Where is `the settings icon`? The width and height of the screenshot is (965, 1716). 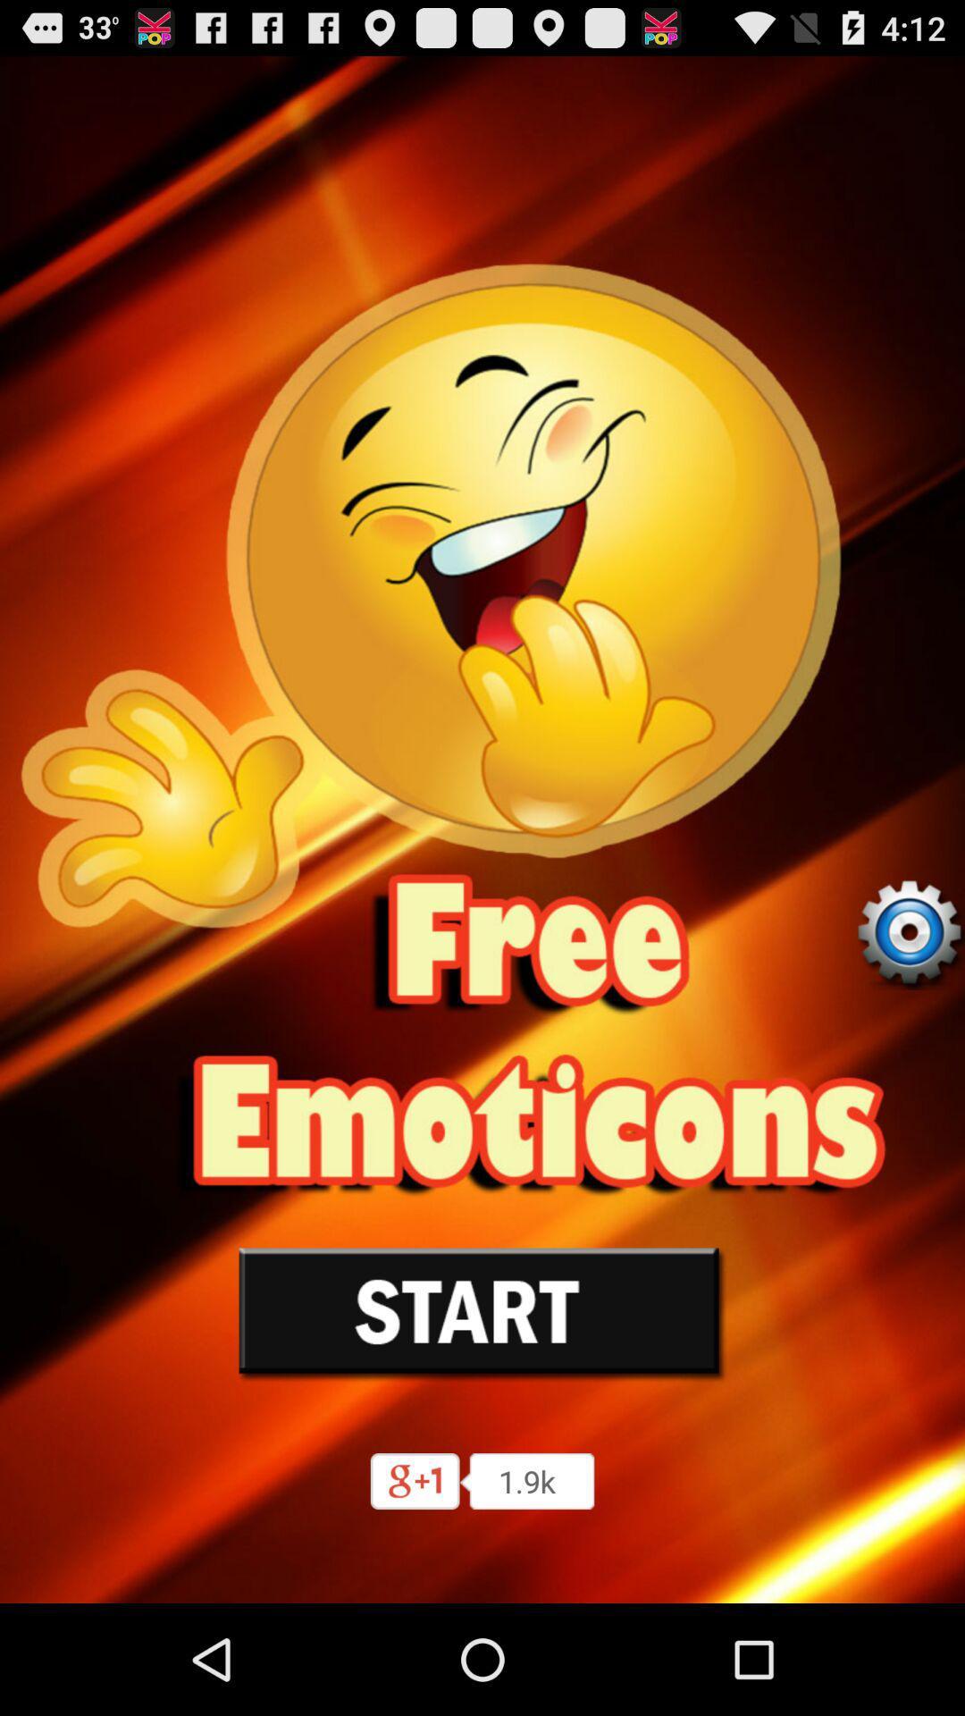
the settings icon is located at coordinates (909, 998).